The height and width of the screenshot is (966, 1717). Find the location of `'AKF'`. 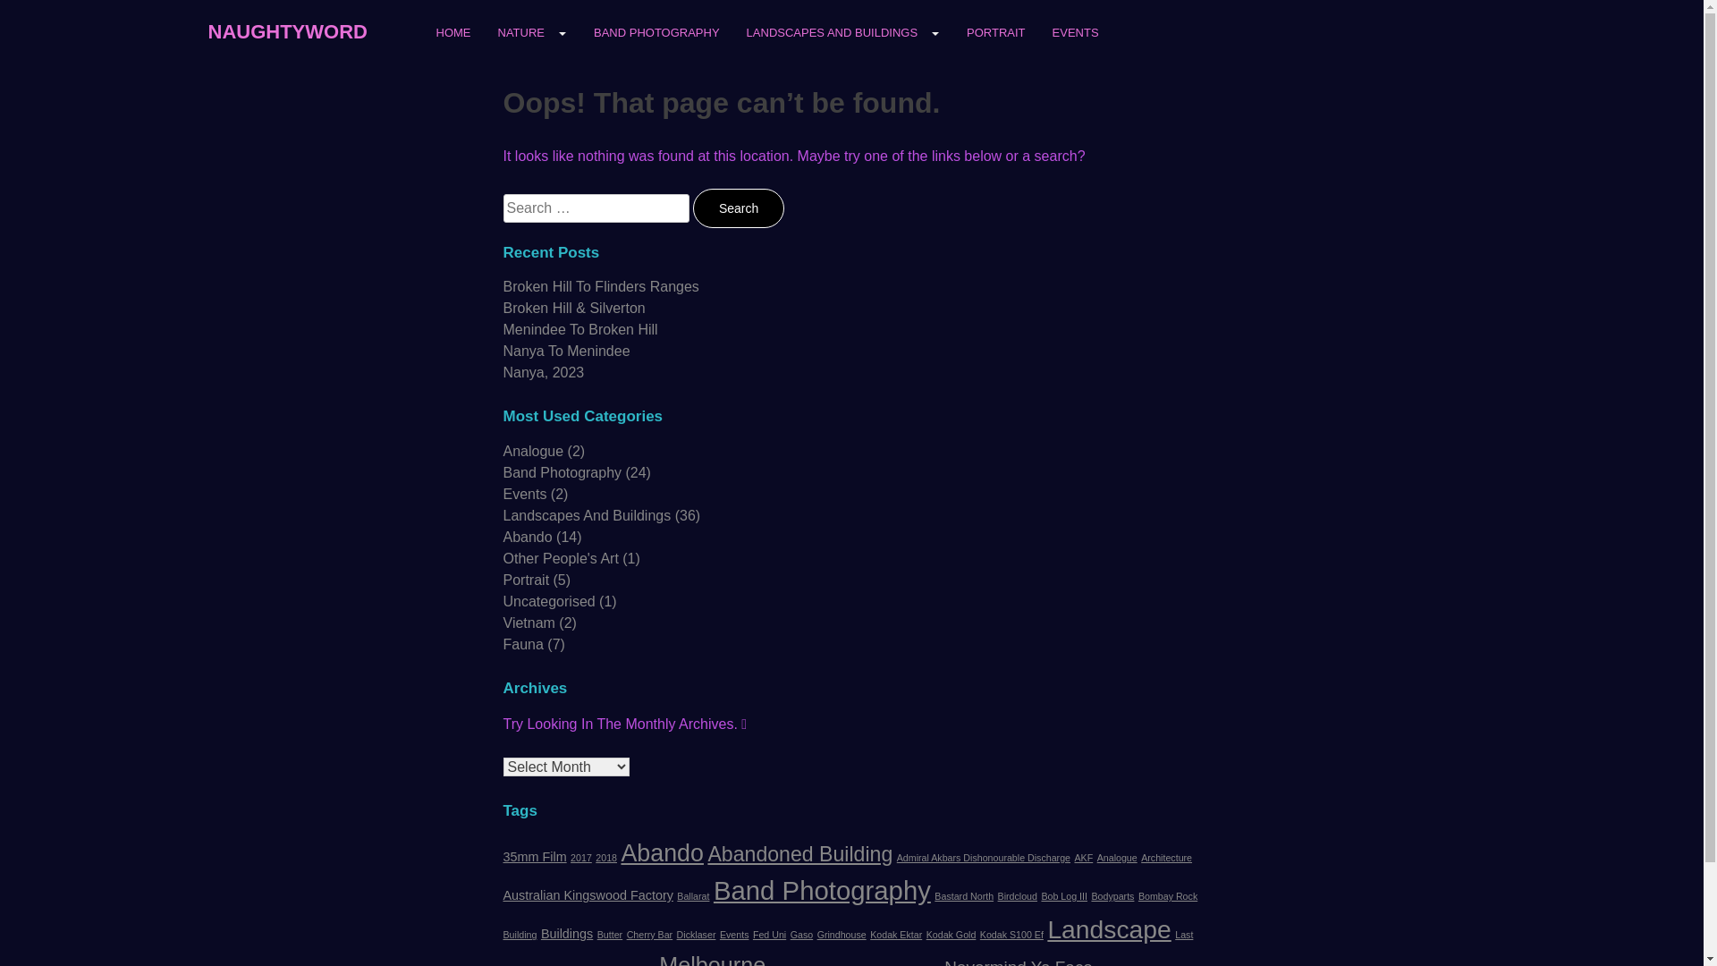

'AKF' is located at coordinates (1082, 857).